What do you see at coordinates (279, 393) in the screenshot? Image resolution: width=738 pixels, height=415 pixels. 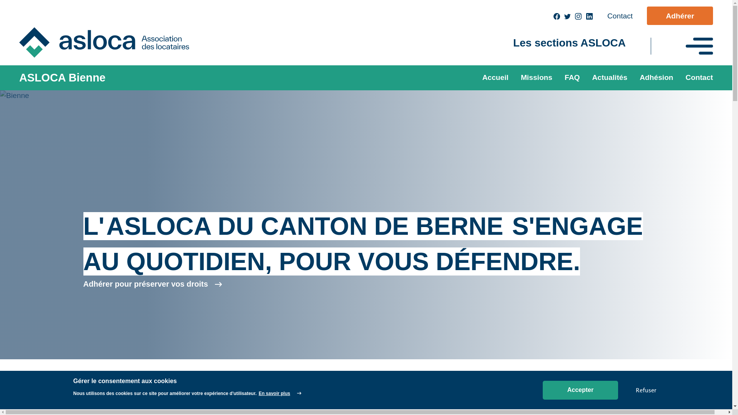 I see `'En savoir plus'` at bounding box center [279, 393].